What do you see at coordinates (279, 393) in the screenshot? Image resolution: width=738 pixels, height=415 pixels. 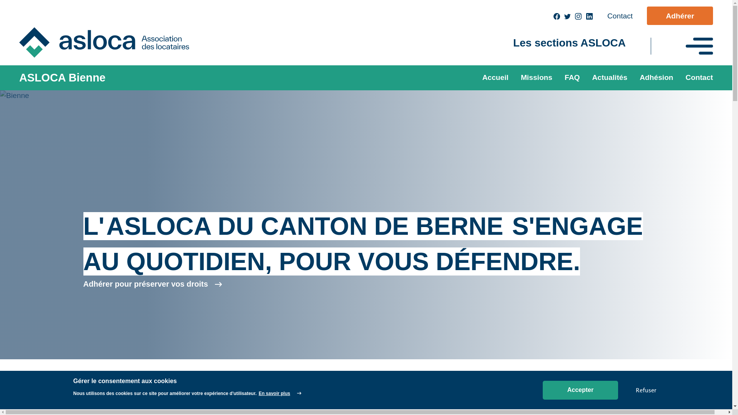 I see `'En savoir plus'` at bounding box center [279, 393].